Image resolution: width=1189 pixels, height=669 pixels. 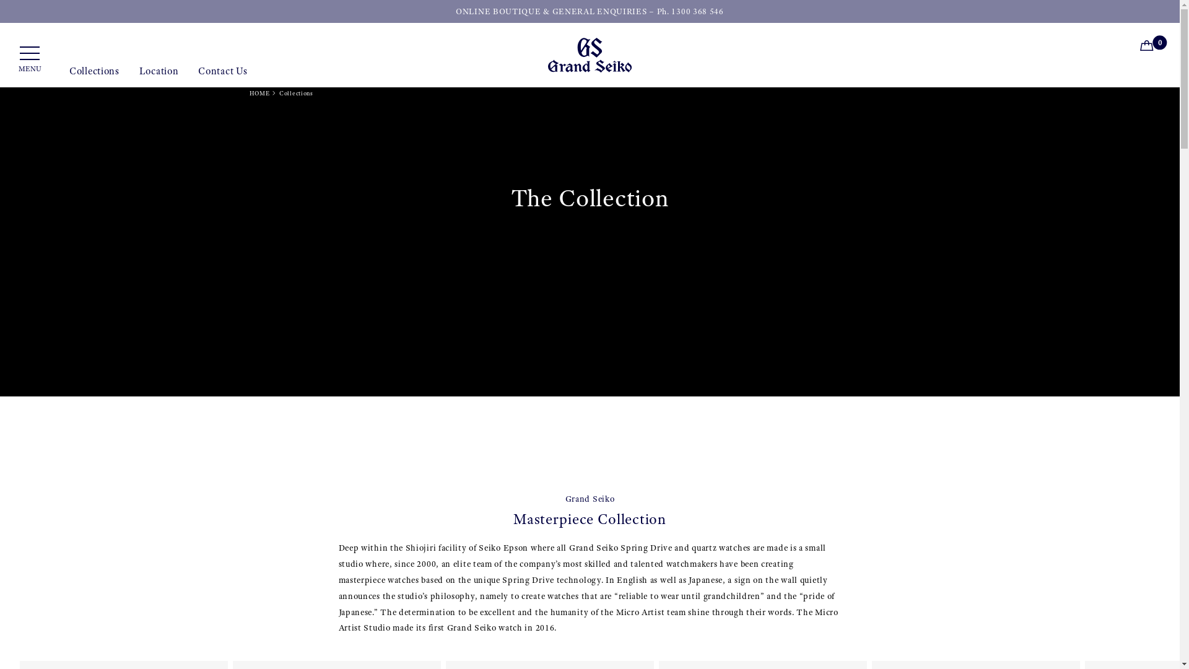 What do you see at coordinates (222, 76) in the screenshot?
I see `'Contact Us'` at bounding box center [222, 76].